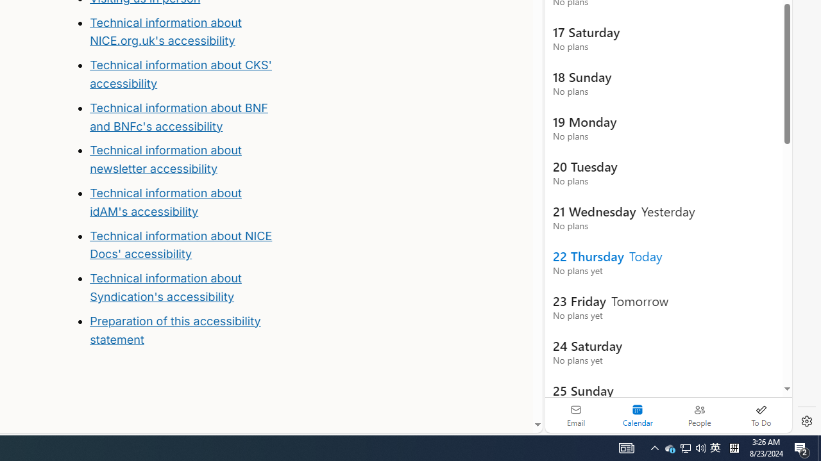 The width and height of the screenshot is (821, 461). Describe the element at coordinates (165, 31) in the screenshot. I see `'Technical information about NICE.org.uk'` at that location.